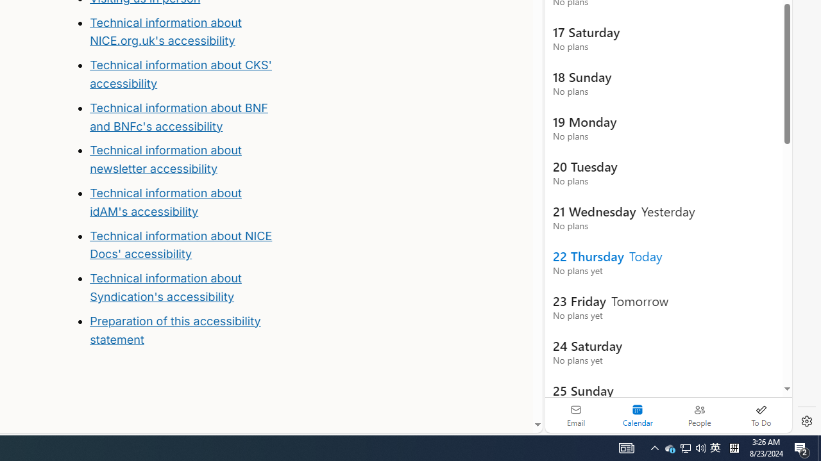 The width and height of the screenshot is (821, 461). Describe the element at coordinates (165, 31) in the screenshot. I see `'Technical information about NICE.org.uk'` at that location.